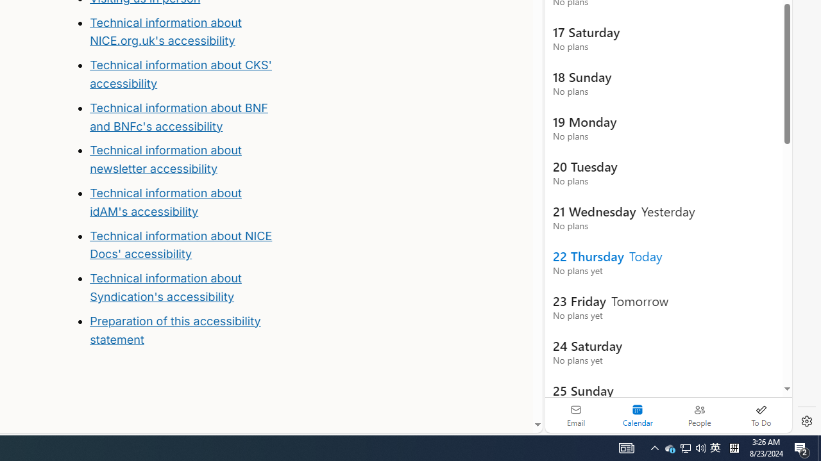 The width and height of the screenshot is (821, 461). Describe the element at coordinates (165, 31) in the screenshot. I see `'Technical information about NICE.org.uk'` at that location.